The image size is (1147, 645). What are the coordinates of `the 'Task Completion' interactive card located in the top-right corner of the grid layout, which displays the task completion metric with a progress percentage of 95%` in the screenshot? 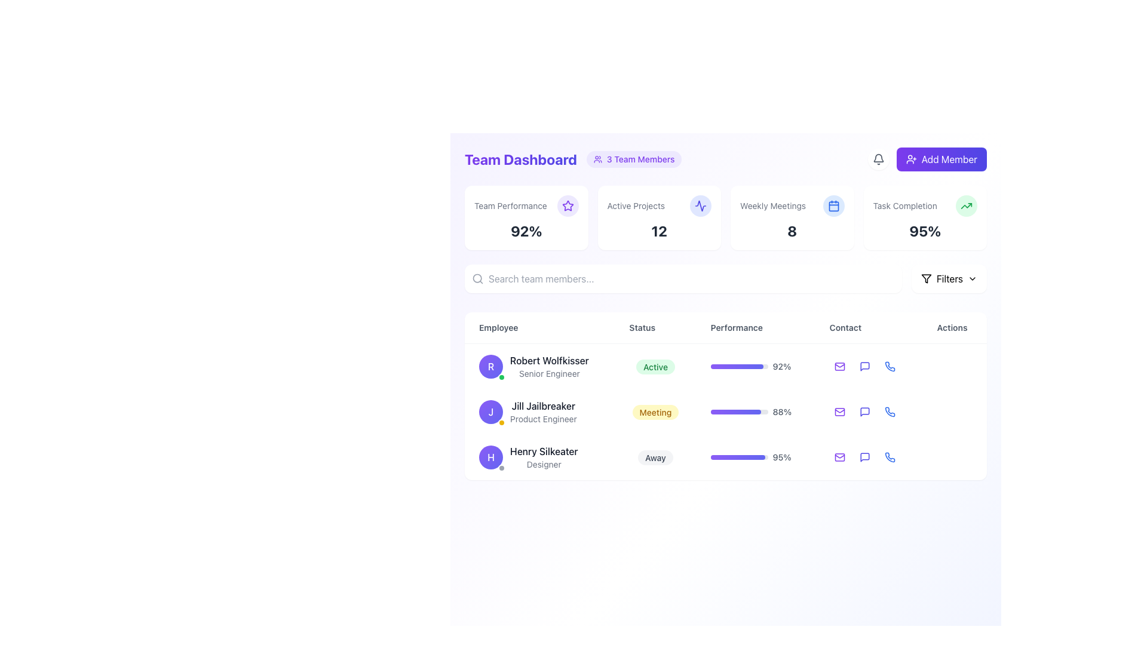 It's located at (924, 218).